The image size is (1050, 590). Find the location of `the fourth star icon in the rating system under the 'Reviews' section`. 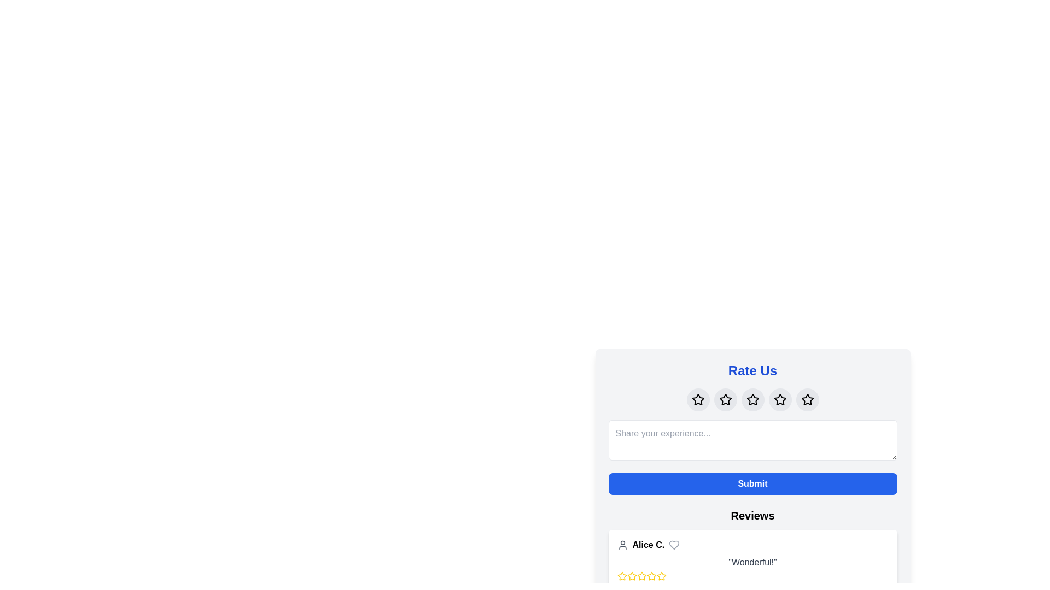

the fourth star icon in the rating system under the 'Reviews' section is located at coordinates (661, 575).